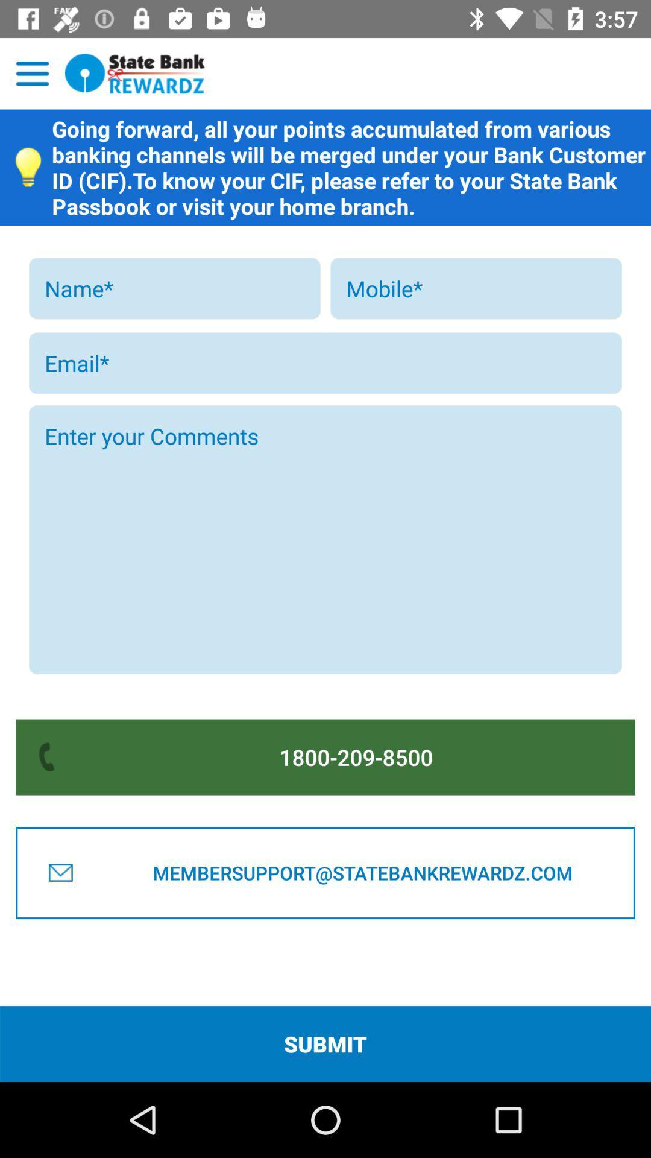  I want to click on insert, so click(476, 288).